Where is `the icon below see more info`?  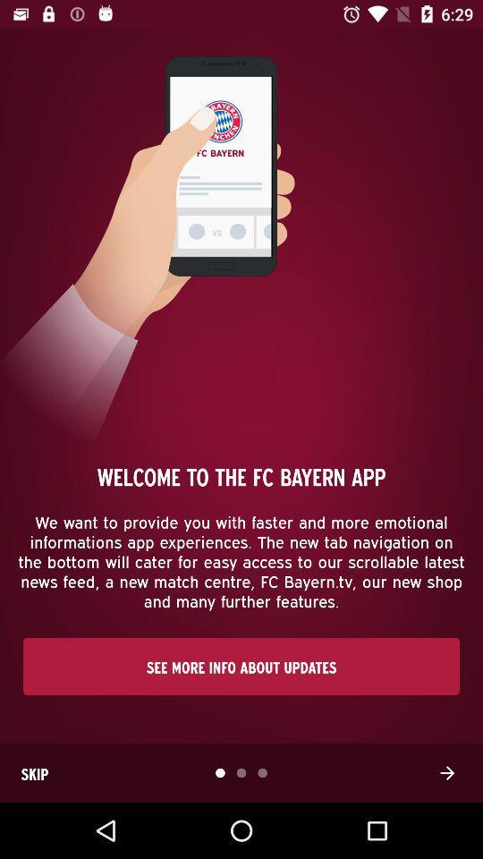 the icon below see more info is located at coordinates (446, 772).